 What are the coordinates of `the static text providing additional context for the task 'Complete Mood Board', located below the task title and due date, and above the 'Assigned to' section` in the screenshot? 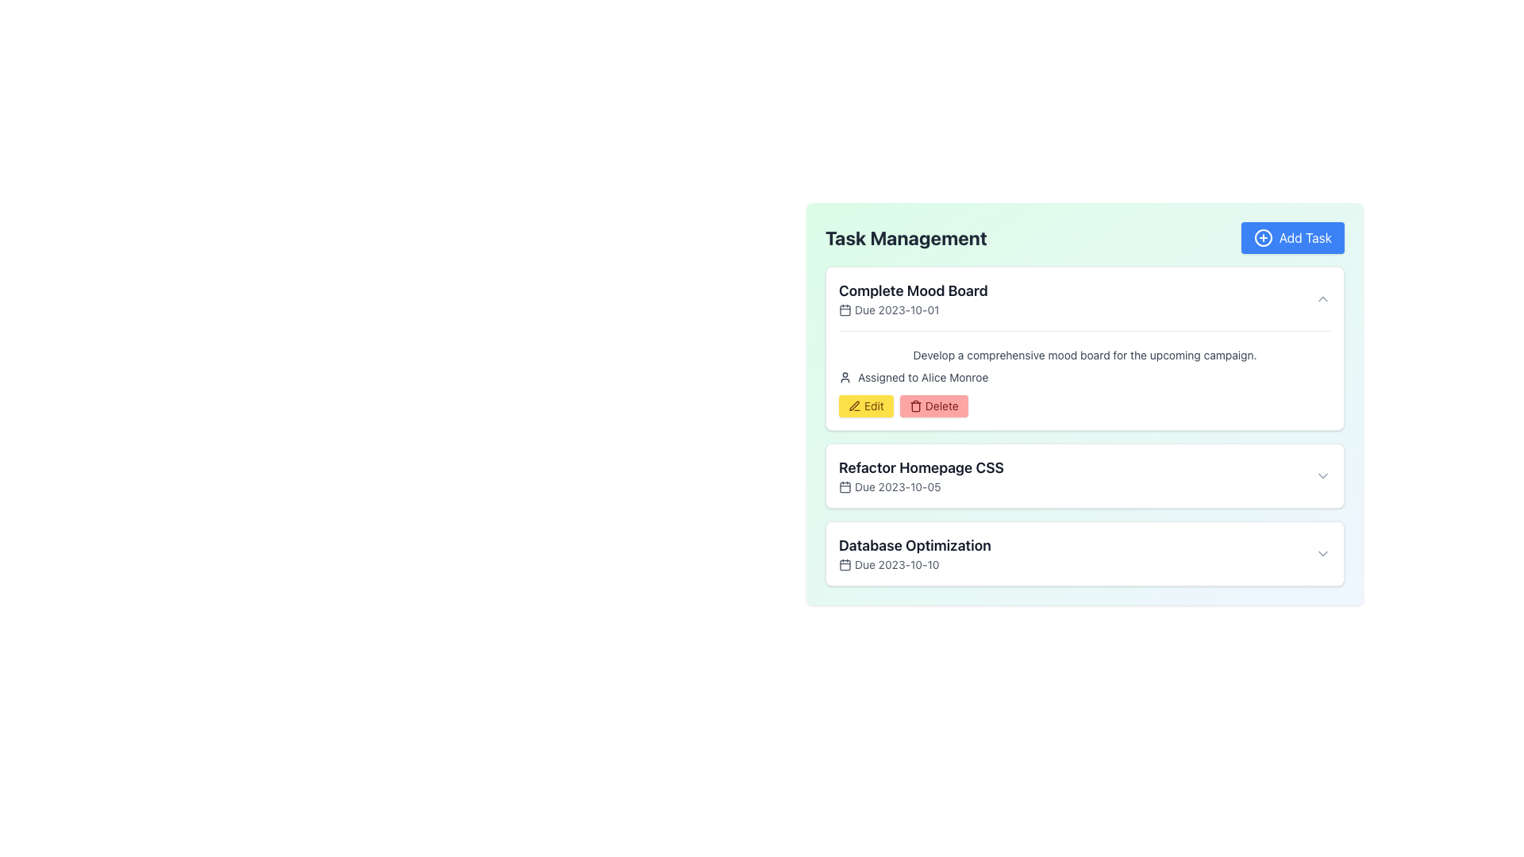 It's located at (1084, 354).